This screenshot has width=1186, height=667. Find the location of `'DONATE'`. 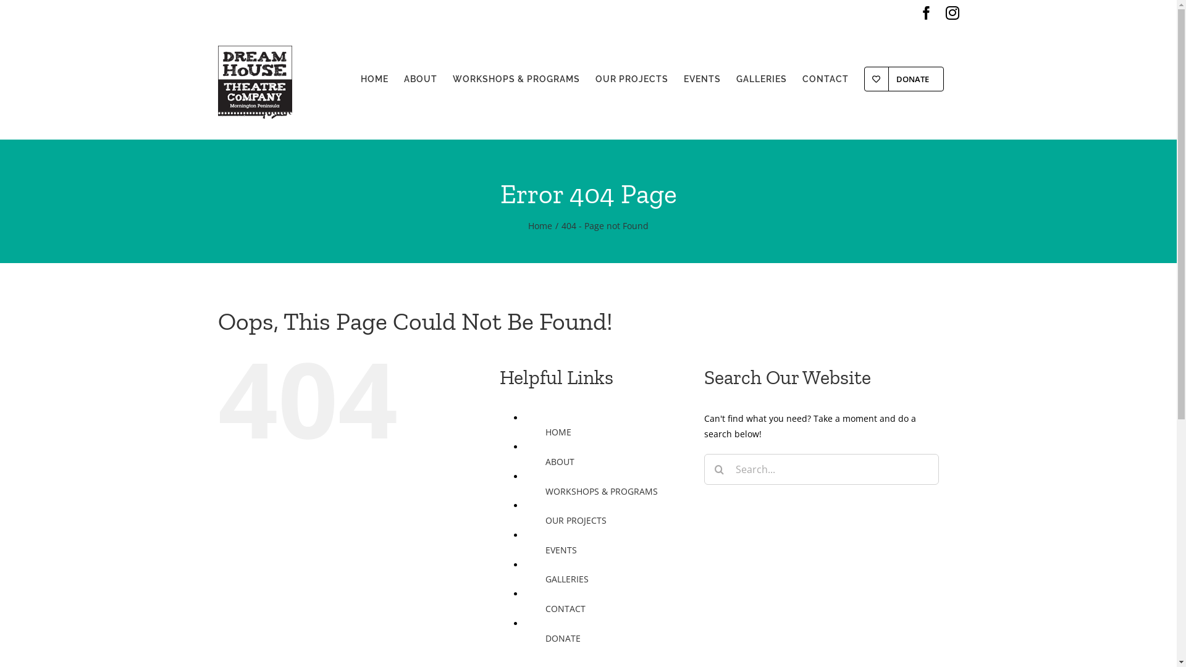

'DONATE' is located at coordinates (903, 78).